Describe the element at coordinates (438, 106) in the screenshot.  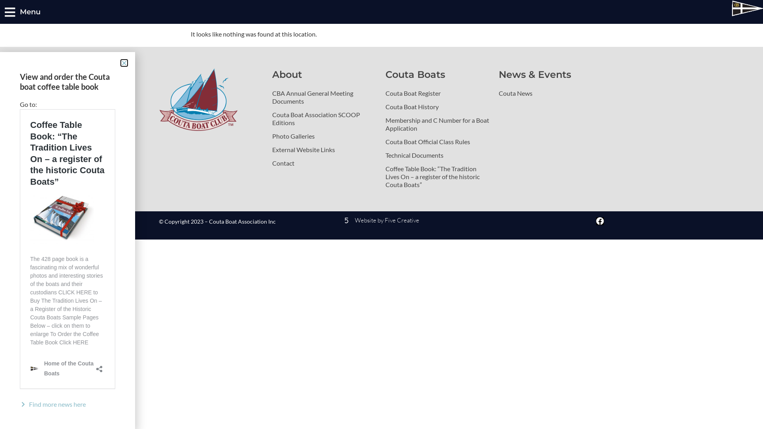
I see `'Couta Boat History'` at that location.